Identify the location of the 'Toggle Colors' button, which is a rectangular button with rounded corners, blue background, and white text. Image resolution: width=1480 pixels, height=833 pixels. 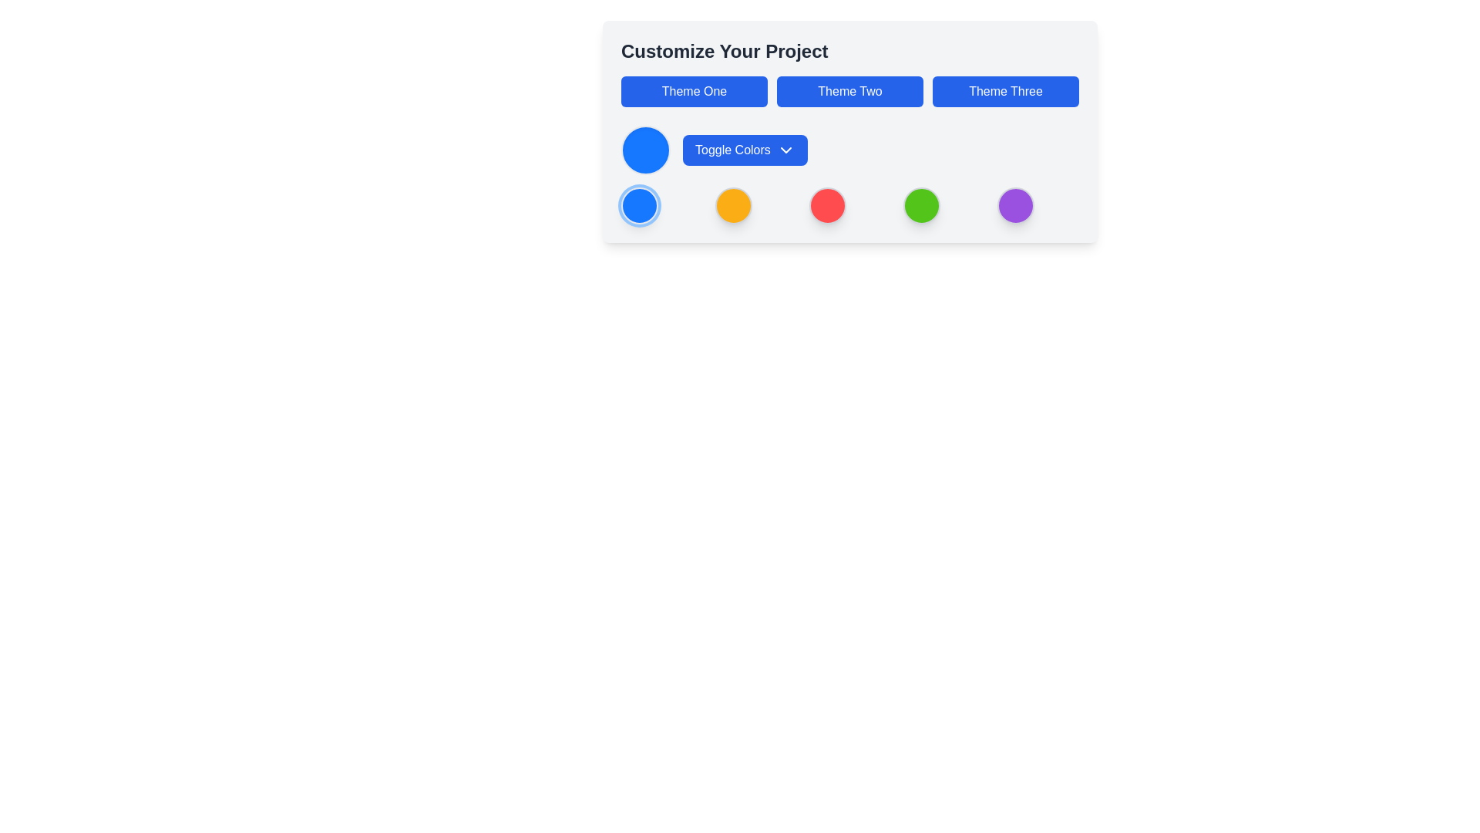
(745, 150).